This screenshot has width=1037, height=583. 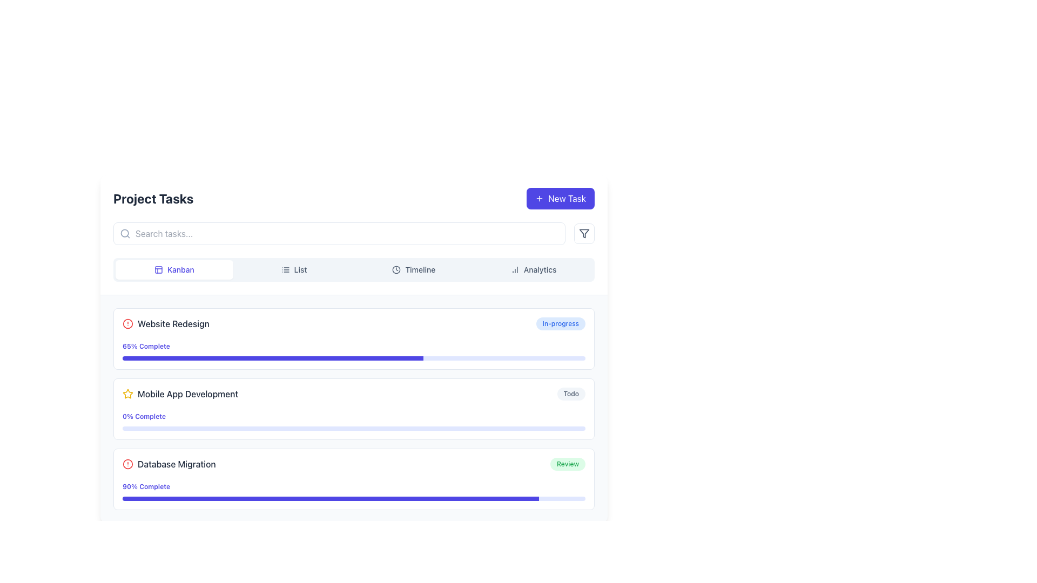 What do you see at coordinates (413, 269) in the screenshot?
I see `the third button in a horizontal list of four buttons near the top-center of the interface to switch to the Timeline view` at bounding box center [413, 269].